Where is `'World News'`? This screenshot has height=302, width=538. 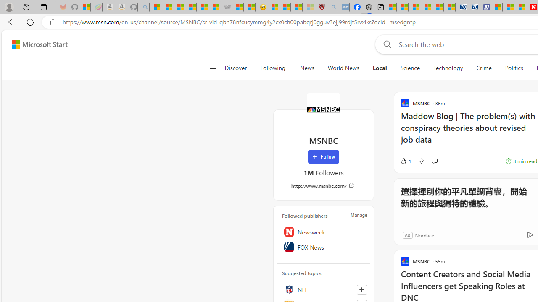
'World News' is located at coordinates (343, 68).